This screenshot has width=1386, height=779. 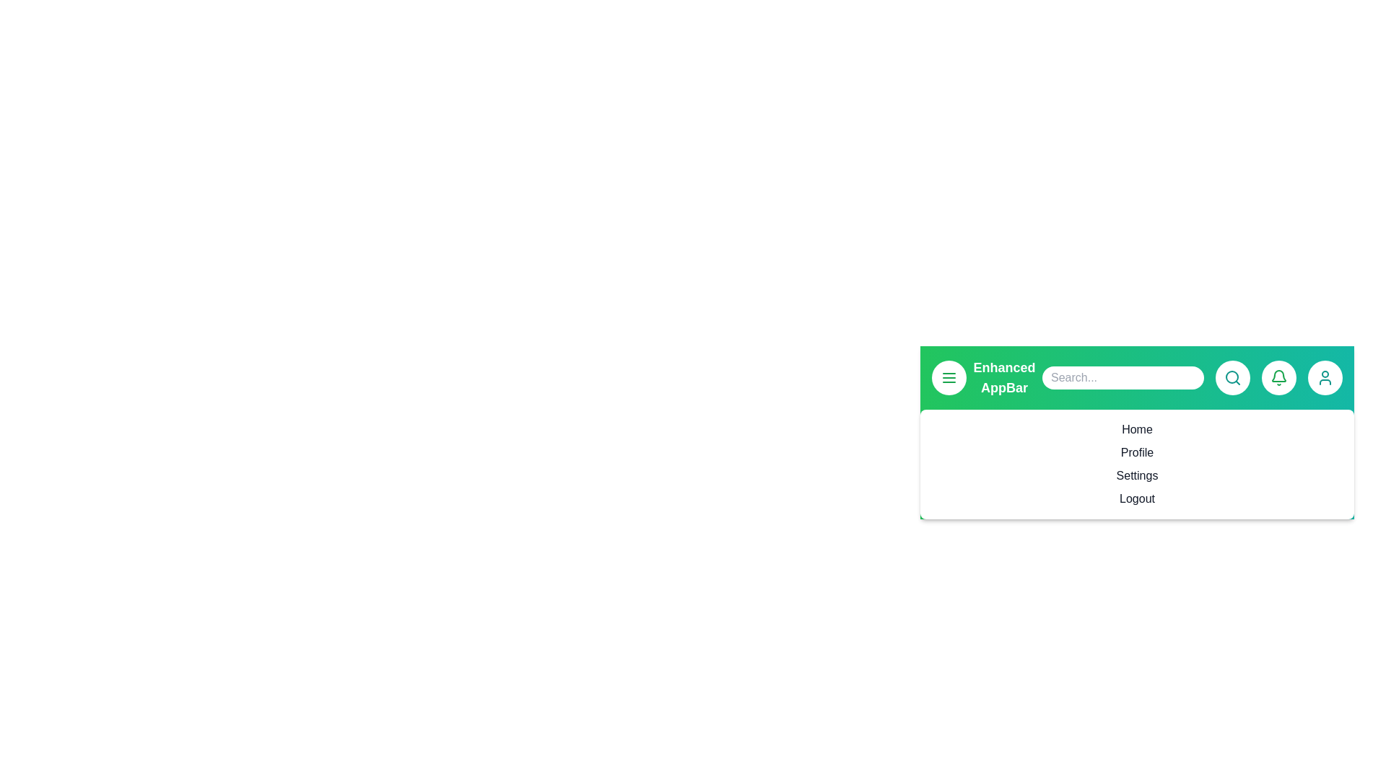 What do you see at coordinates (1136, 429) in the screenshot?
I see `the menu item Home from the EnhancedAppBar` at bounding box center [1136, 429].